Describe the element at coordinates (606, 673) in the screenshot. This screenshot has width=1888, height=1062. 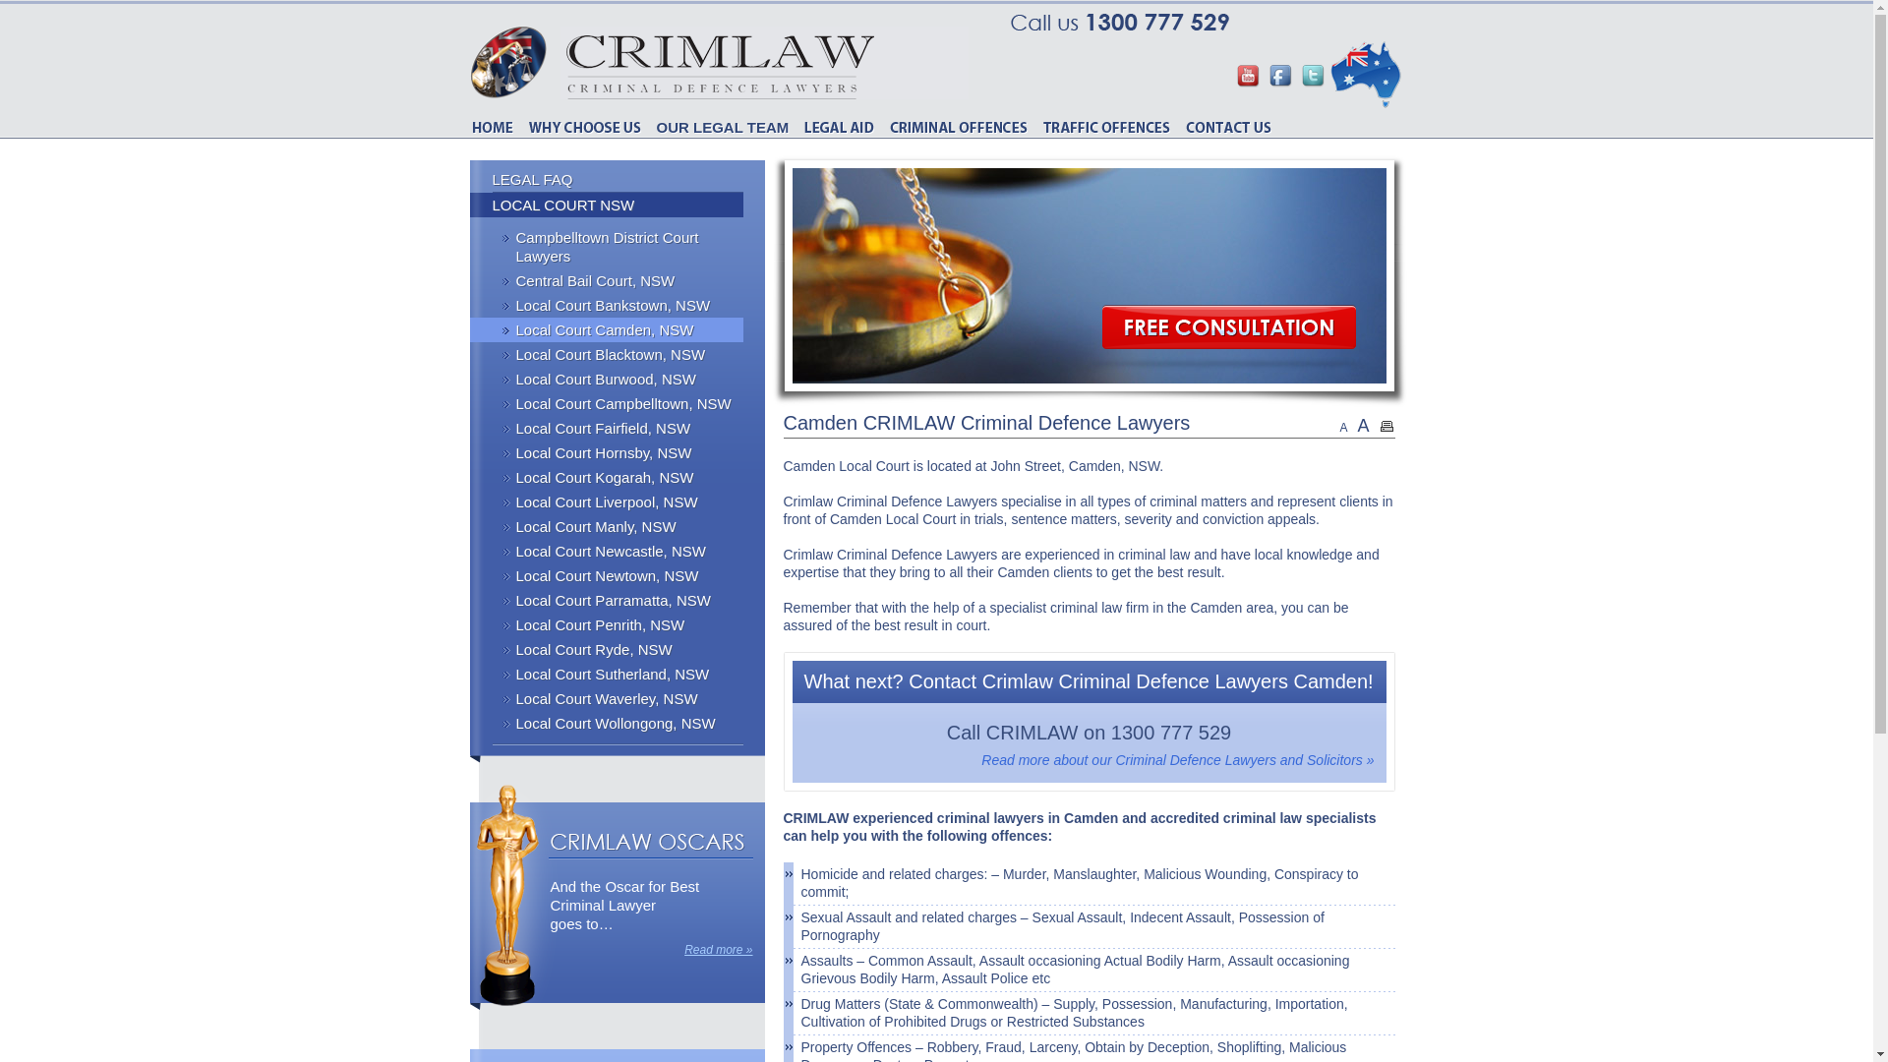
I see `'Local Court Sutherland, NSW'` at that location.